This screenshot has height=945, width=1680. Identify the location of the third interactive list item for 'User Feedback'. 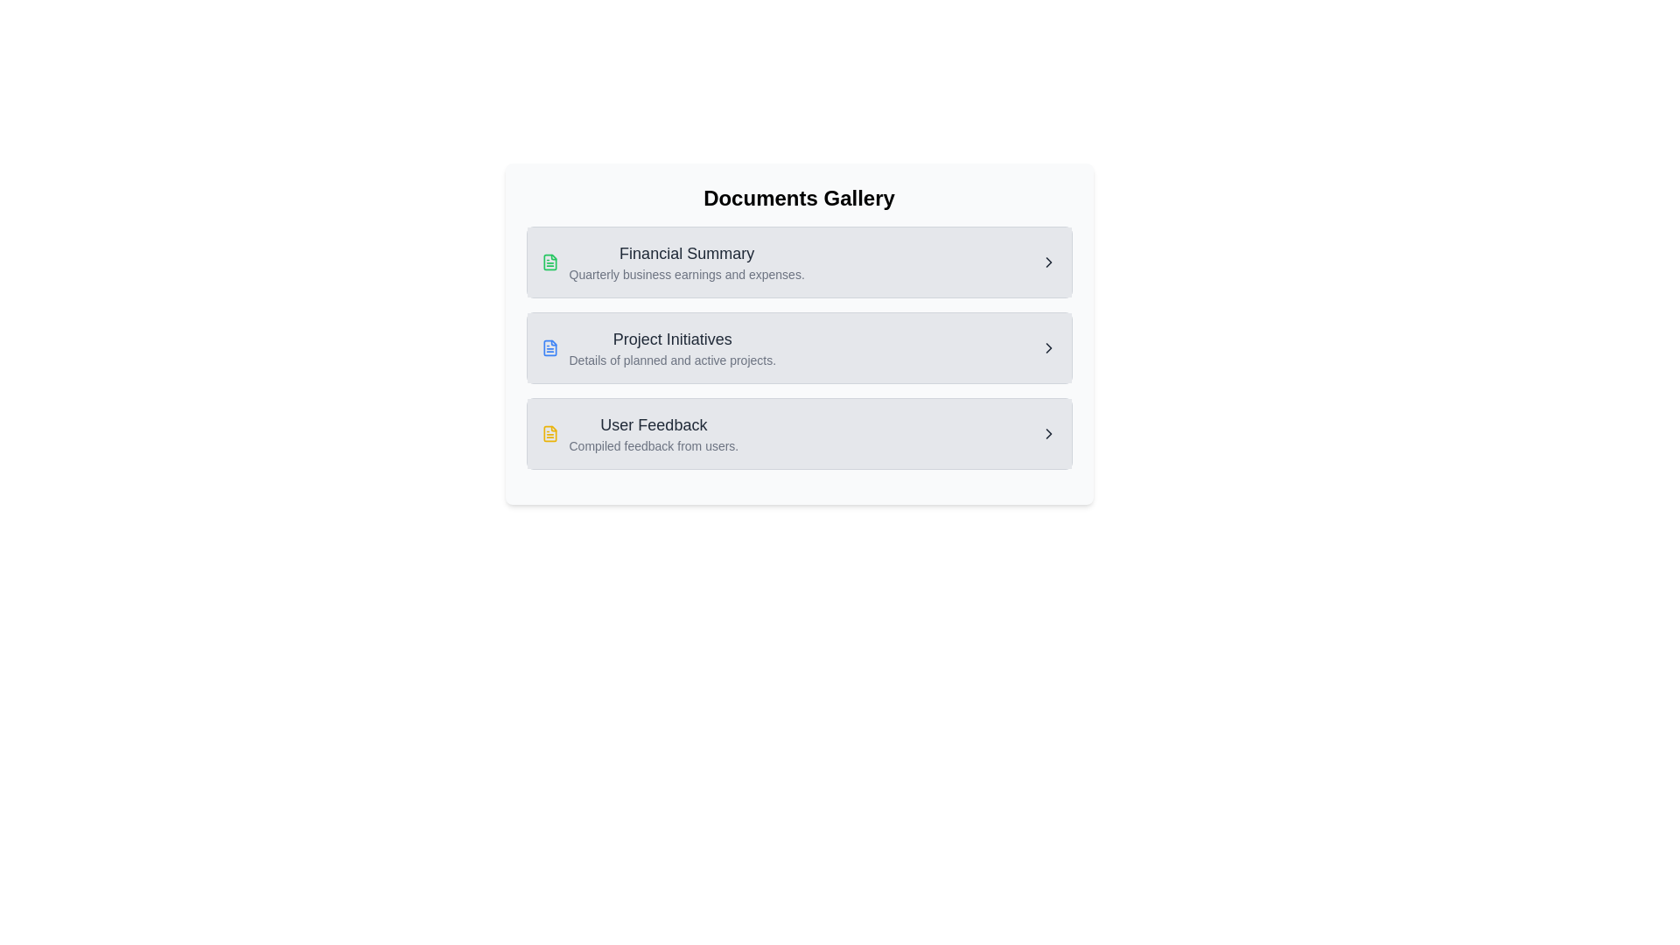
(639, 433).